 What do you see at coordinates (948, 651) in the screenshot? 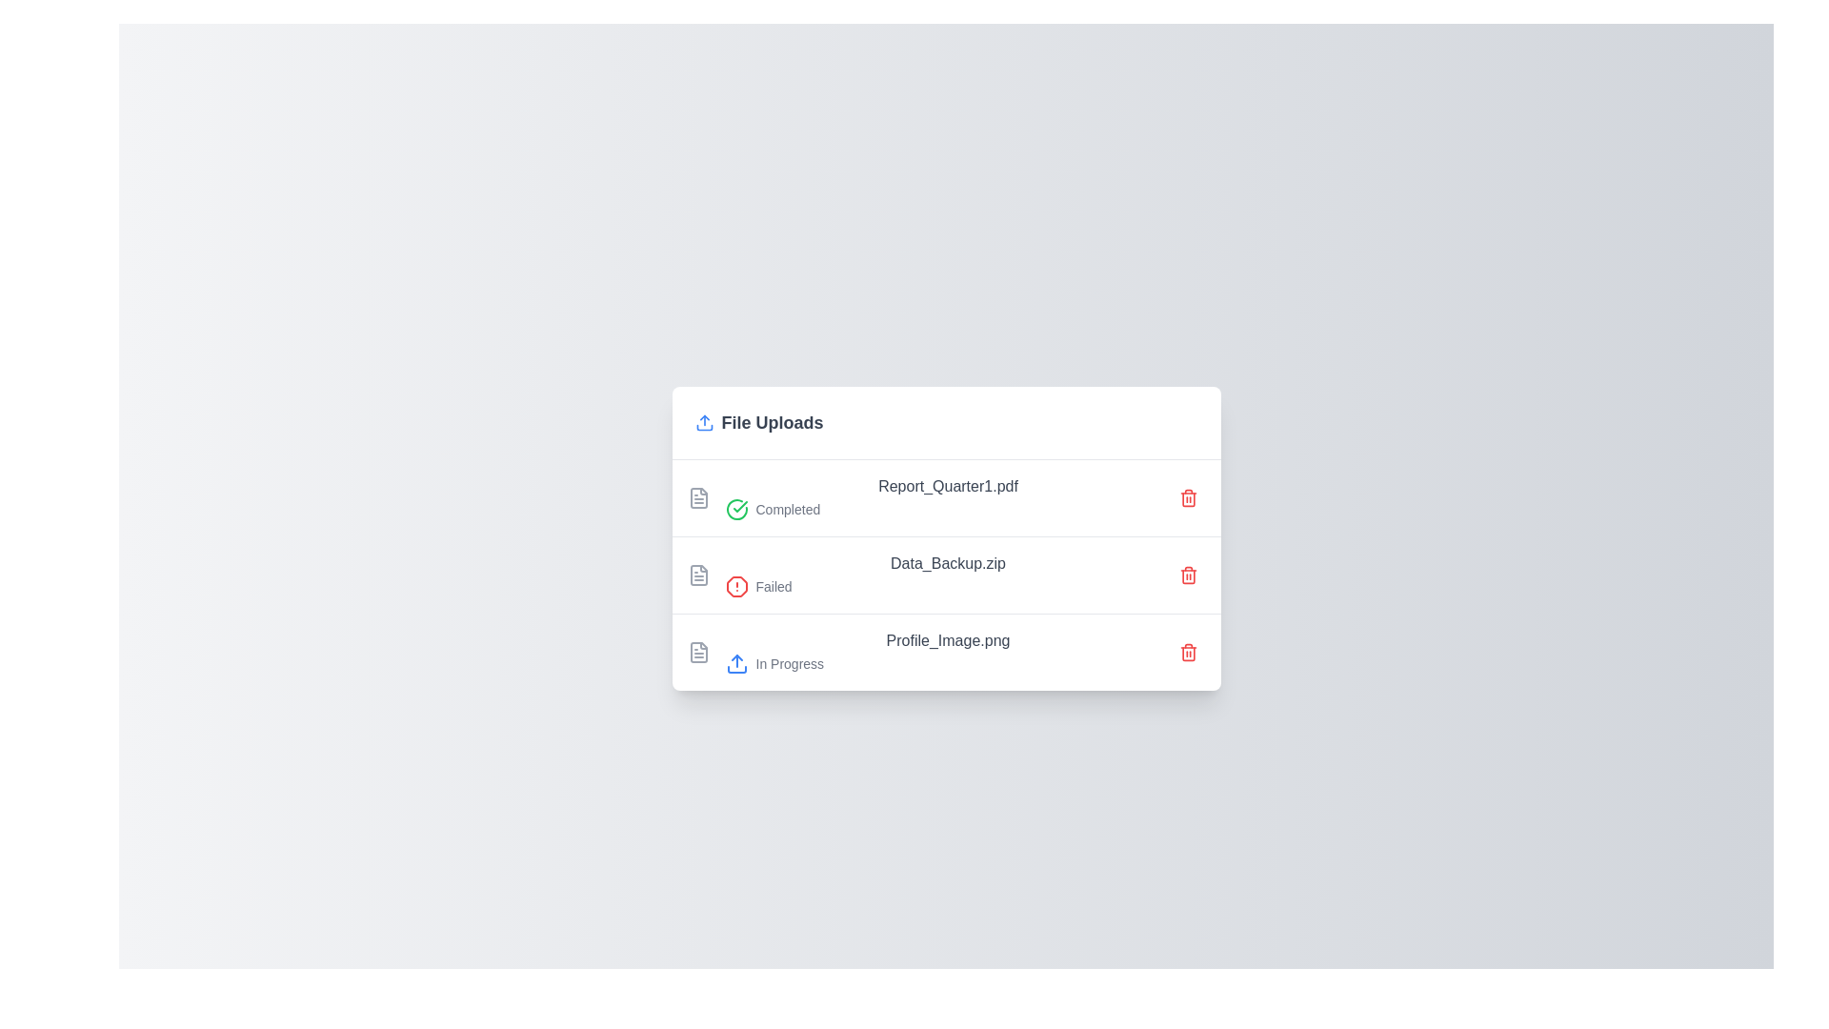
I see `text of the informational label indicating the upload status of the file 'Profile_Image.png', which is located in the 'File Uploads' section, between the second and fourth items` at bounding box center [948, 651].